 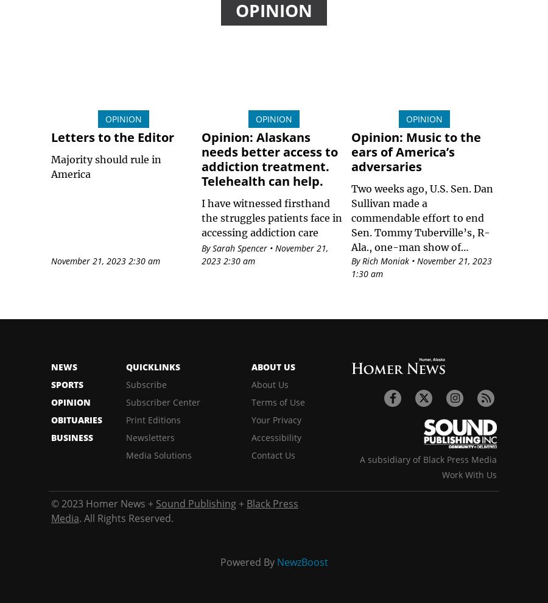 What do you see at coordinates (468, 474) in the screenshot?
I see `'Work With Us'` at bounding box center [468, 474].